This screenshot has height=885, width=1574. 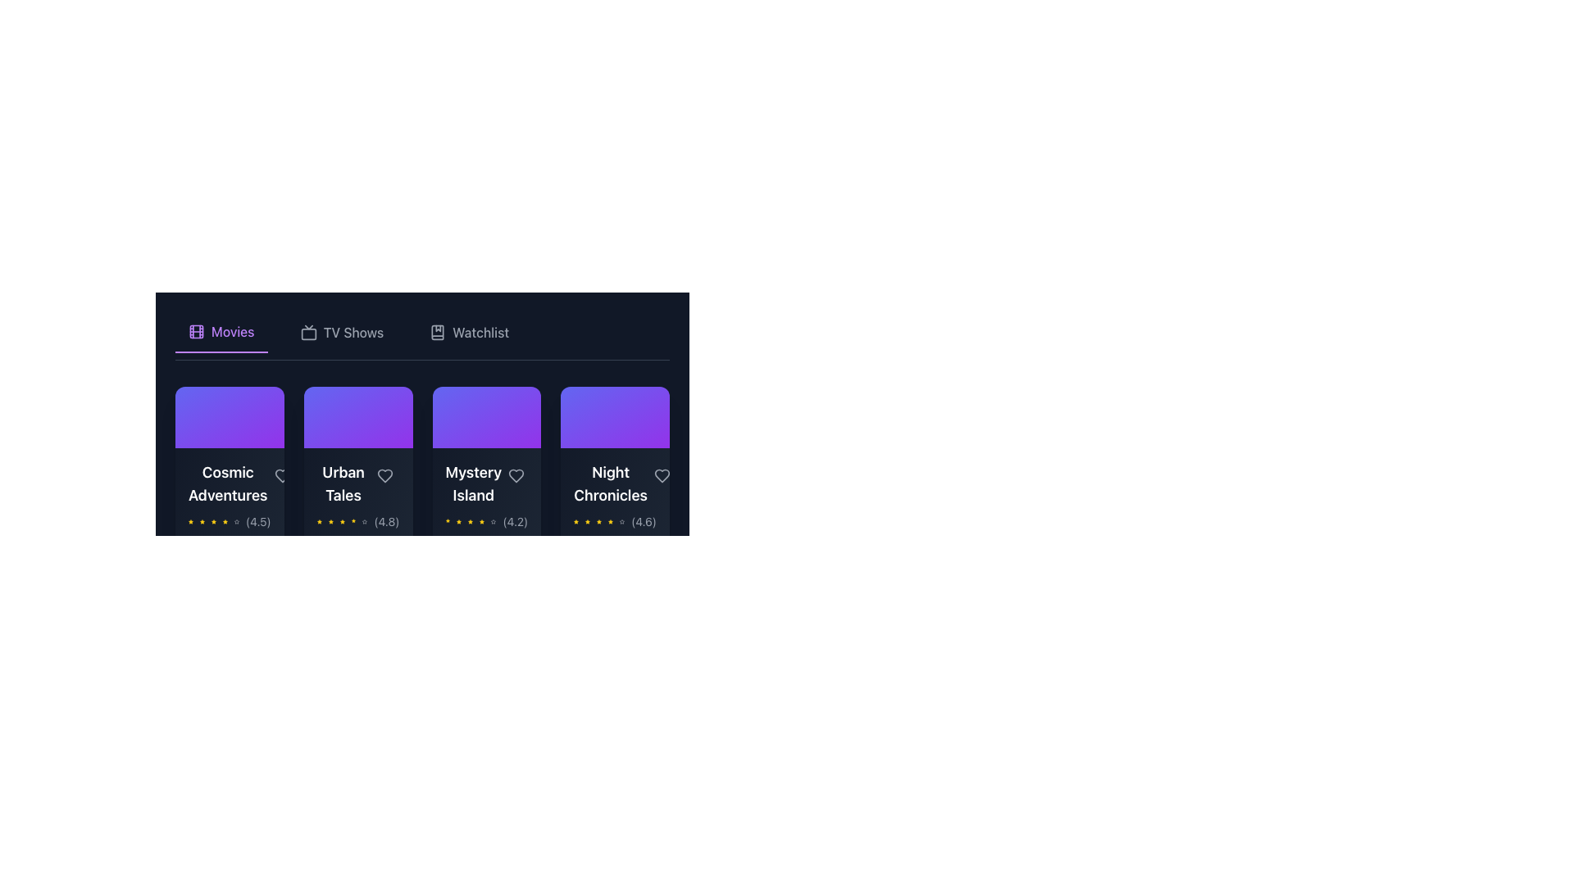 What do you see at coordinates (341, 521) in the screenshot?
I see `the star icon` at bounding box center [341, 521].